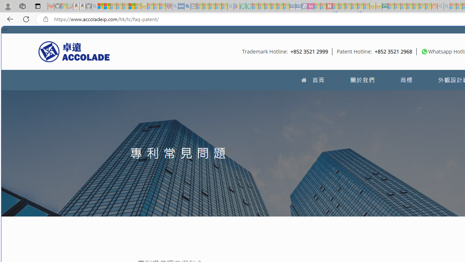 Image resolution: width=465 pixels, height=262 pixels. What do you see at coordinates (187, 6) in the screenshot?
I see `'utah sues federal government - Search'` at bounding box center [187, 6].